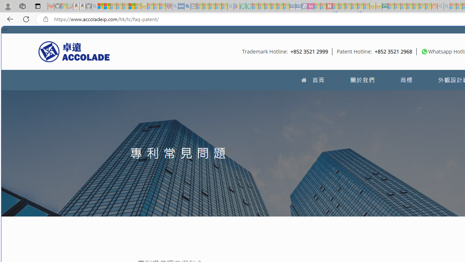 Image resolution: width=465 pixels, height=262 pixels. What do you see at coordinates (187, 6) in the screenshot?
I see `'utah sues federal government - Search'` at bounding box center [187, 6].